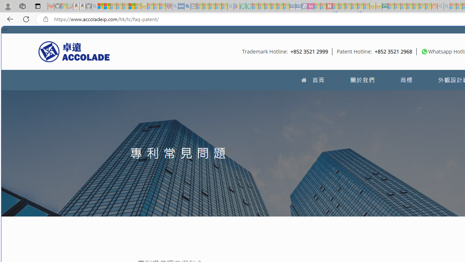 Image resolution: width=465 pixels, height=262 pixels. What do you see at coordinates (187, 6) in the screenshot?
I see `'utah sues federal government - Search'` at bounding box center [187, 6].